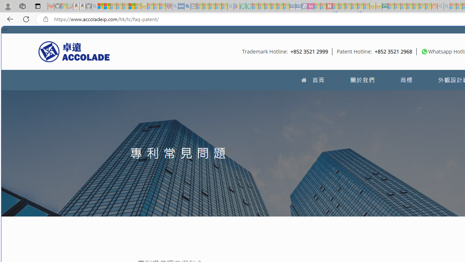 Image resolution: width=465 pixels, height=262 pixels. What do you see at coordinates (187, 6) in the screenshot?
I see `'utah sues federal government - Search'` at bounding box center [187, 6].